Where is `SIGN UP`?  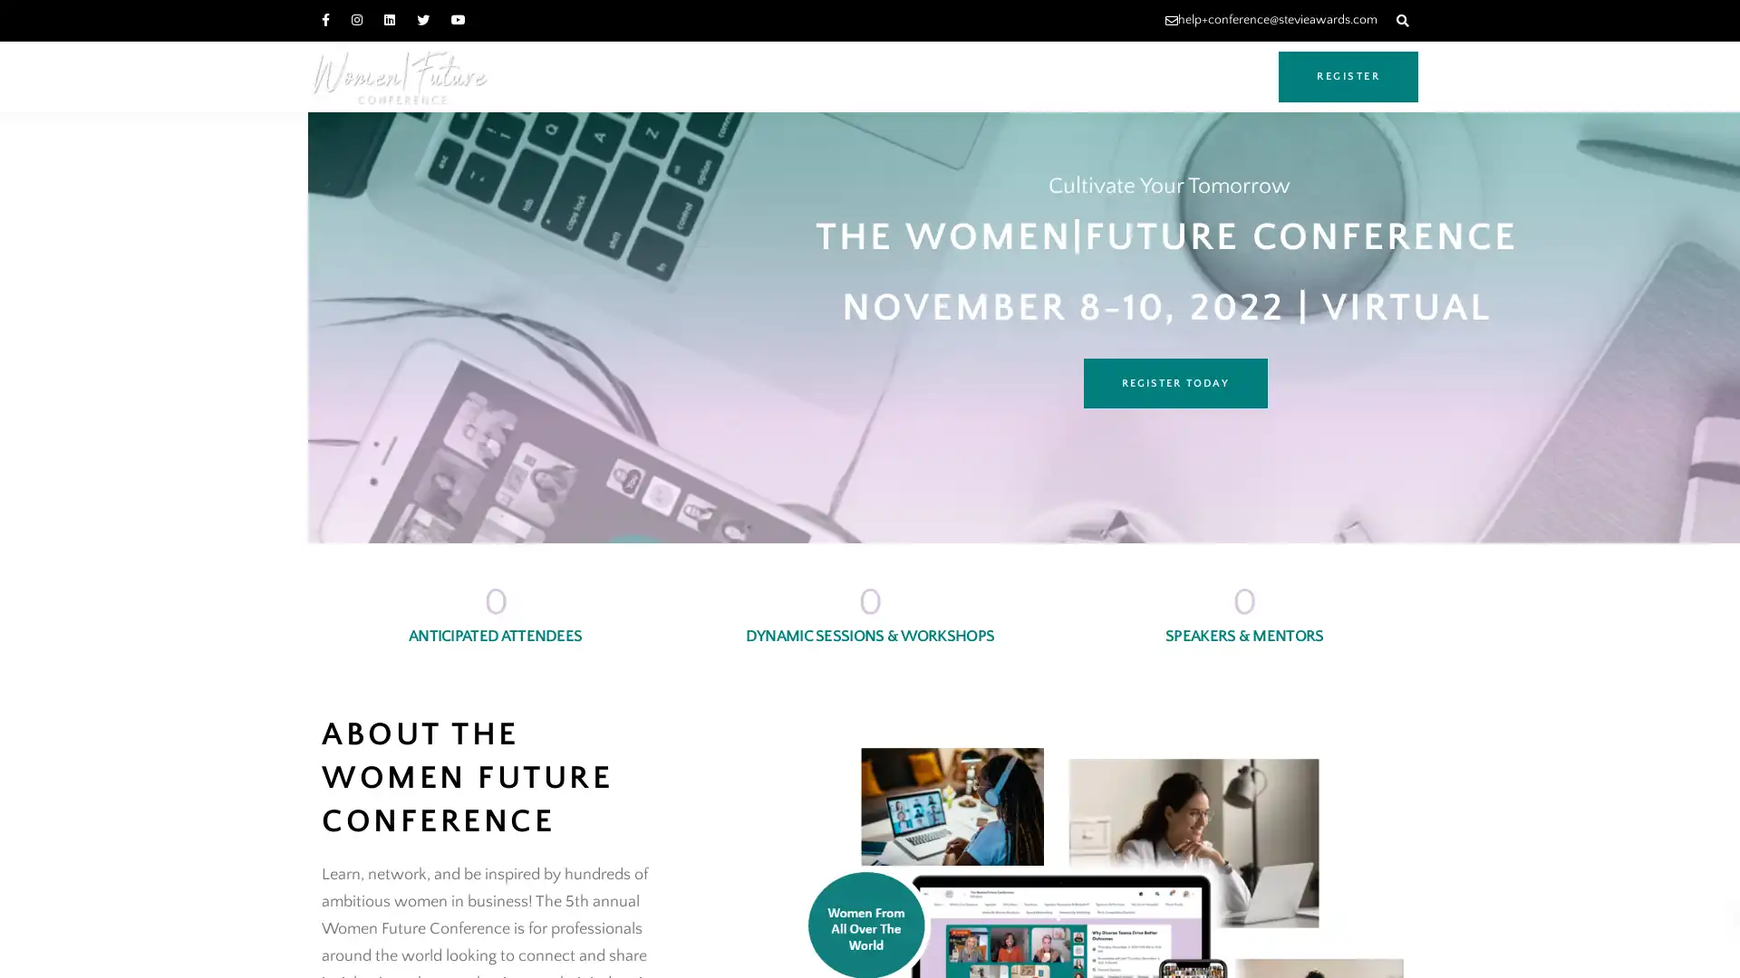
SIGN UP is located at coordinates (190, 942).